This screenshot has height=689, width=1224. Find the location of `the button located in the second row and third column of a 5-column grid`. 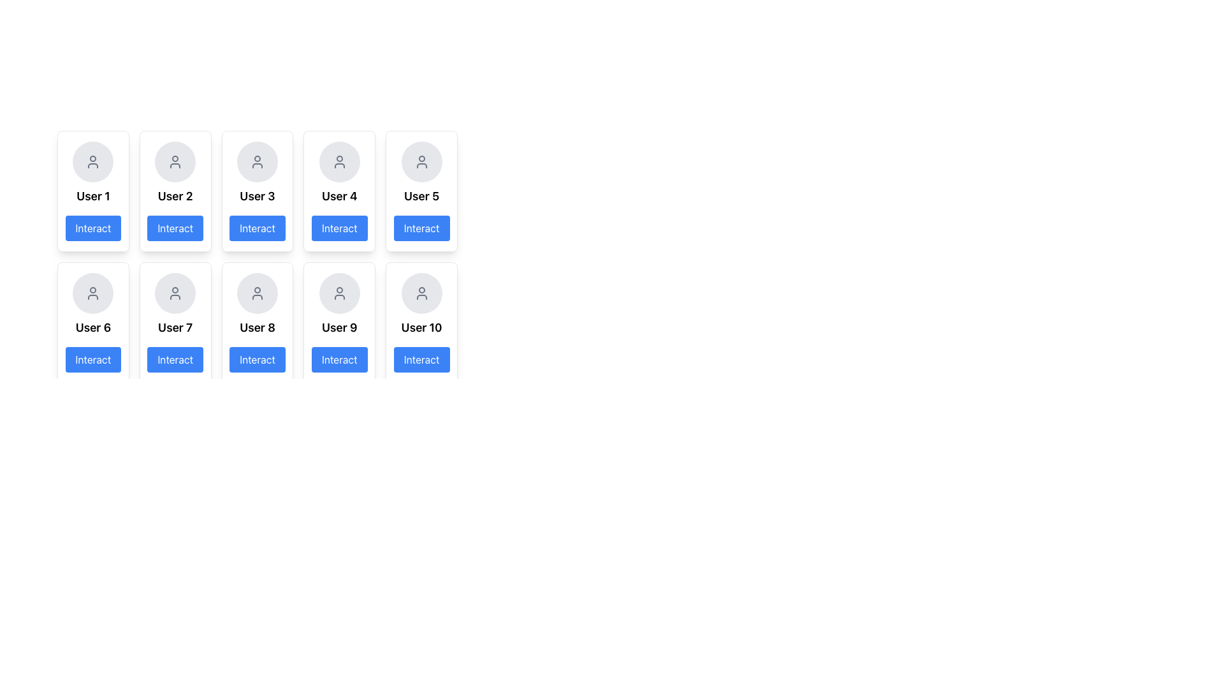

the button located in the second row and third column of a 5-column grid is located at coordinates (256, 256).